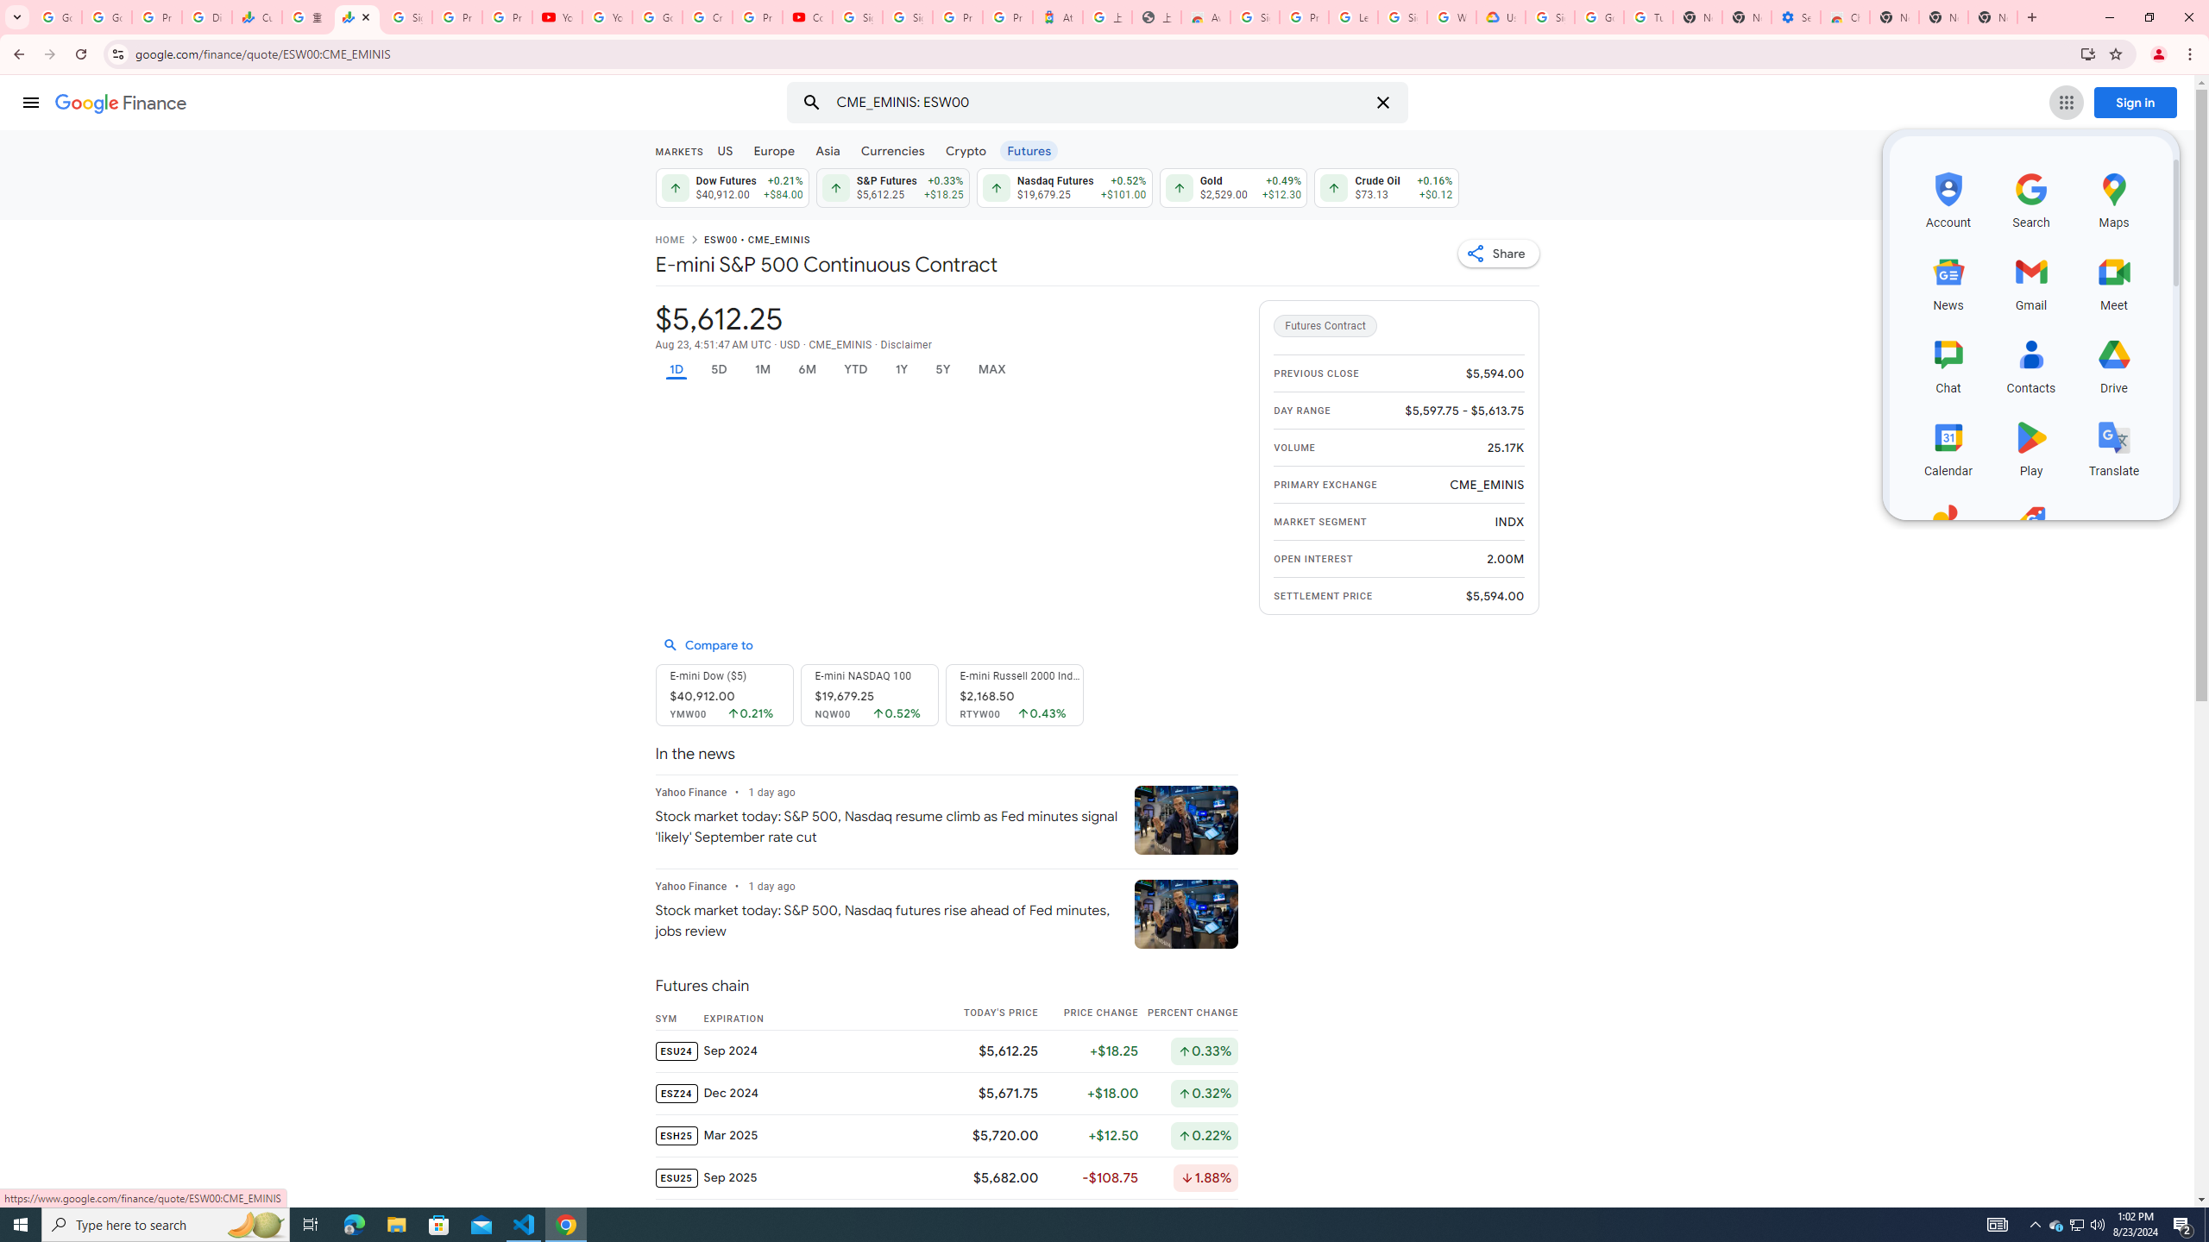 The height and width of the screenshot is (1242, 2209). I want to click on 'YTD', so click(854, 369).